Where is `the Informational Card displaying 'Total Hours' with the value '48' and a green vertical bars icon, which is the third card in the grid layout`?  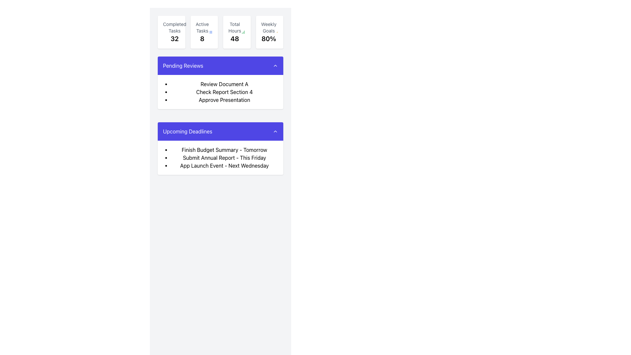
the Informational Card displaying 'Total Hours' with the value '48' and a green vertical bars icon, which is the third card in the grid layout is located at coordinates (237, 32).